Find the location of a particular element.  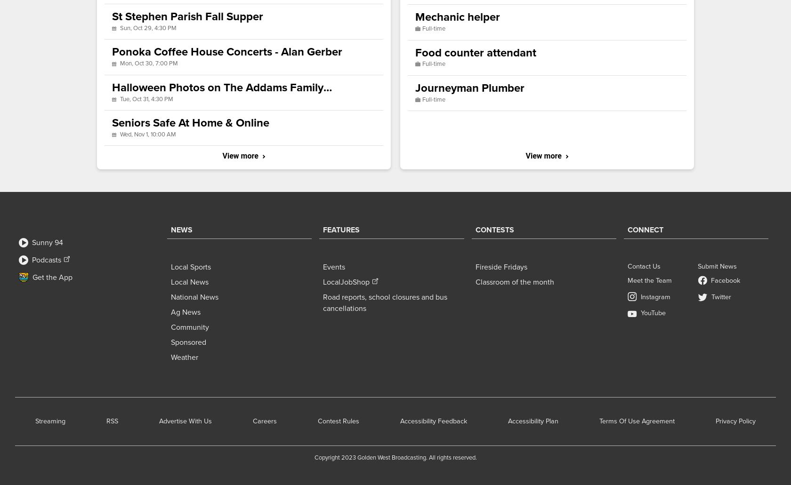

'Facebook' is located at coordinates (726, 280).